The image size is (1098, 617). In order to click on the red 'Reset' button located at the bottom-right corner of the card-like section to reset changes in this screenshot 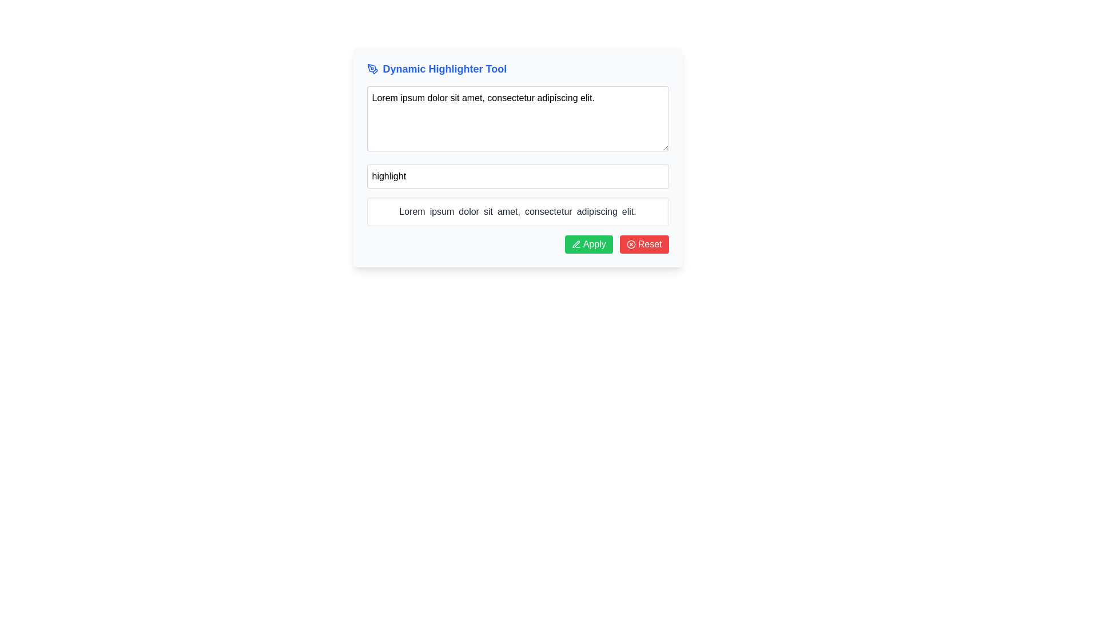, I will do `click(644, 244)`.